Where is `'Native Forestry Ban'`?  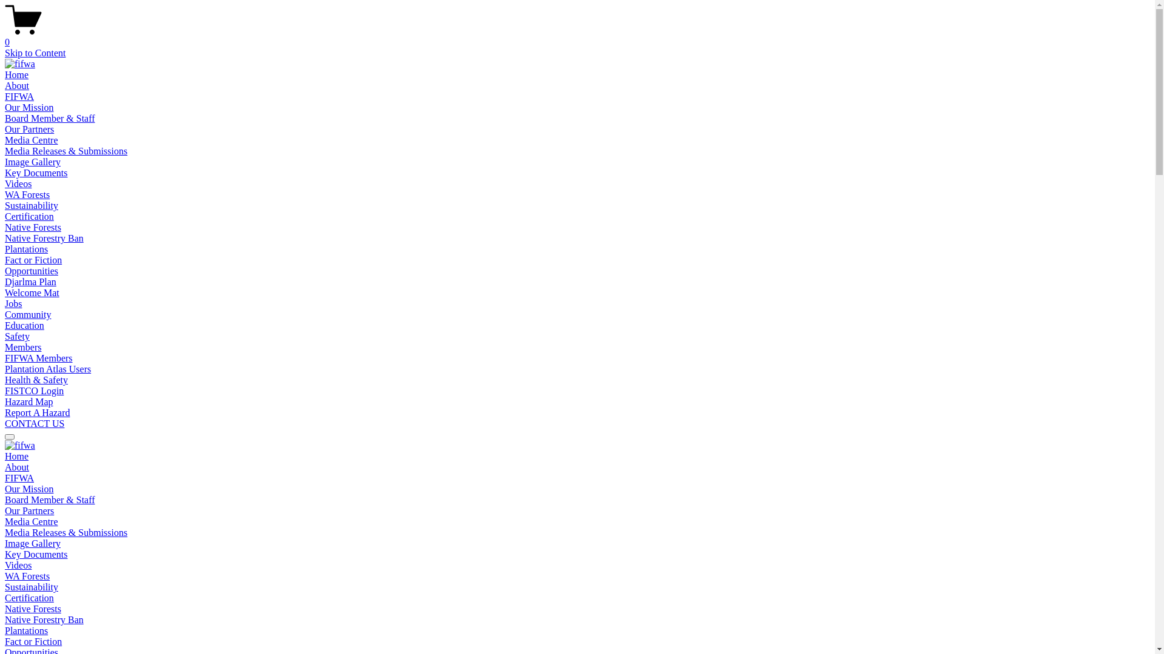
'Native Forestry Ban' is located at coordinates (44, 238).